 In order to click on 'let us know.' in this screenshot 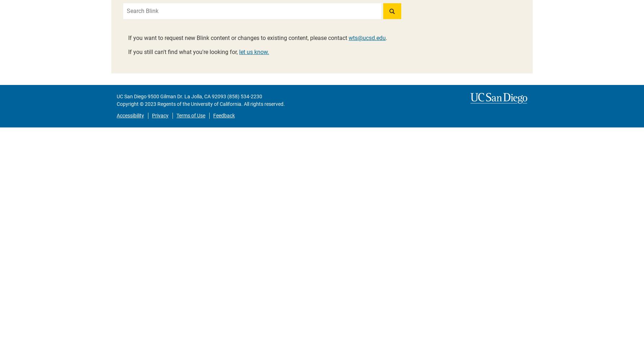, I will do `click(254, 52)`.